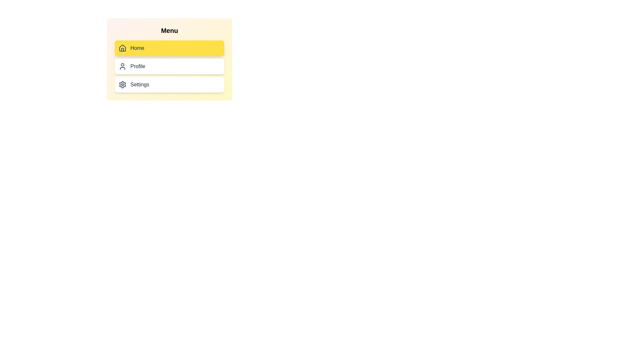 The image size is (626, 352). What do you see at coordinates (169, 48) in the screenshot?
I see `the menu item Home` at bounding box center [169, 48].